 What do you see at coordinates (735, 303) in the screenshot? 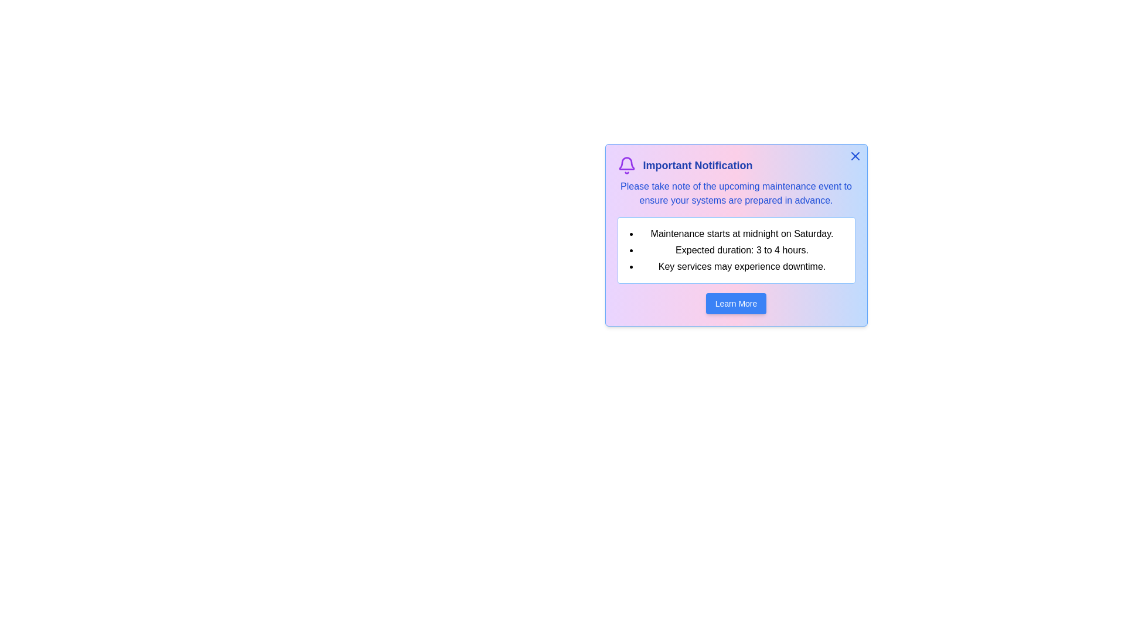
I see `the 'Learn More' button` at bounding box center [735, 303].